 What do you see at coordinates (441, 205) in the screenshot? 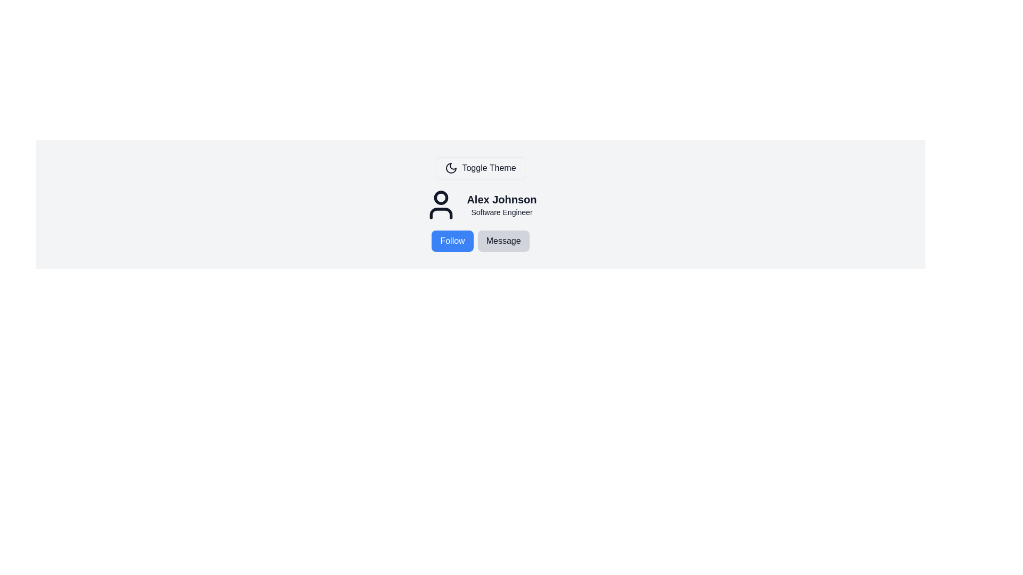
I see `the user profile icon, which is a stylized outline of a person represented by a circular head above a semicircular torso, positioned to the left of the text 'Alex Johnson' and 'Software Engineer'` at bounding box center [441, 205].